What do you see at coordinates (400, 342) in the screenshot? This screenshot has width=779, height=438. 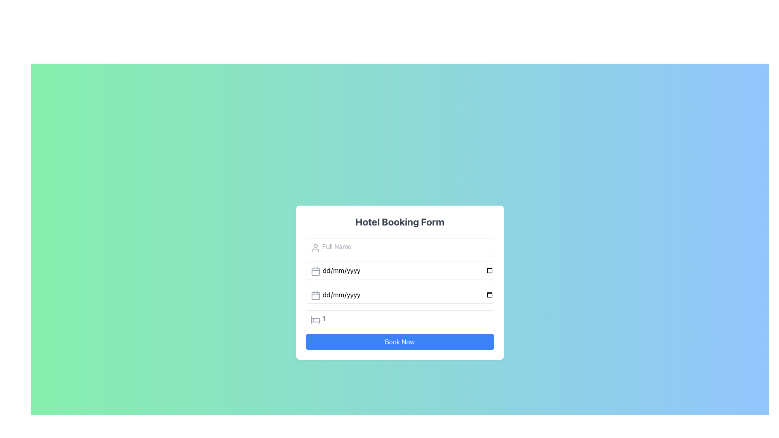 I see `the submit button at the bottom of the hotel booking form modal` at bounding box center [400, 342].